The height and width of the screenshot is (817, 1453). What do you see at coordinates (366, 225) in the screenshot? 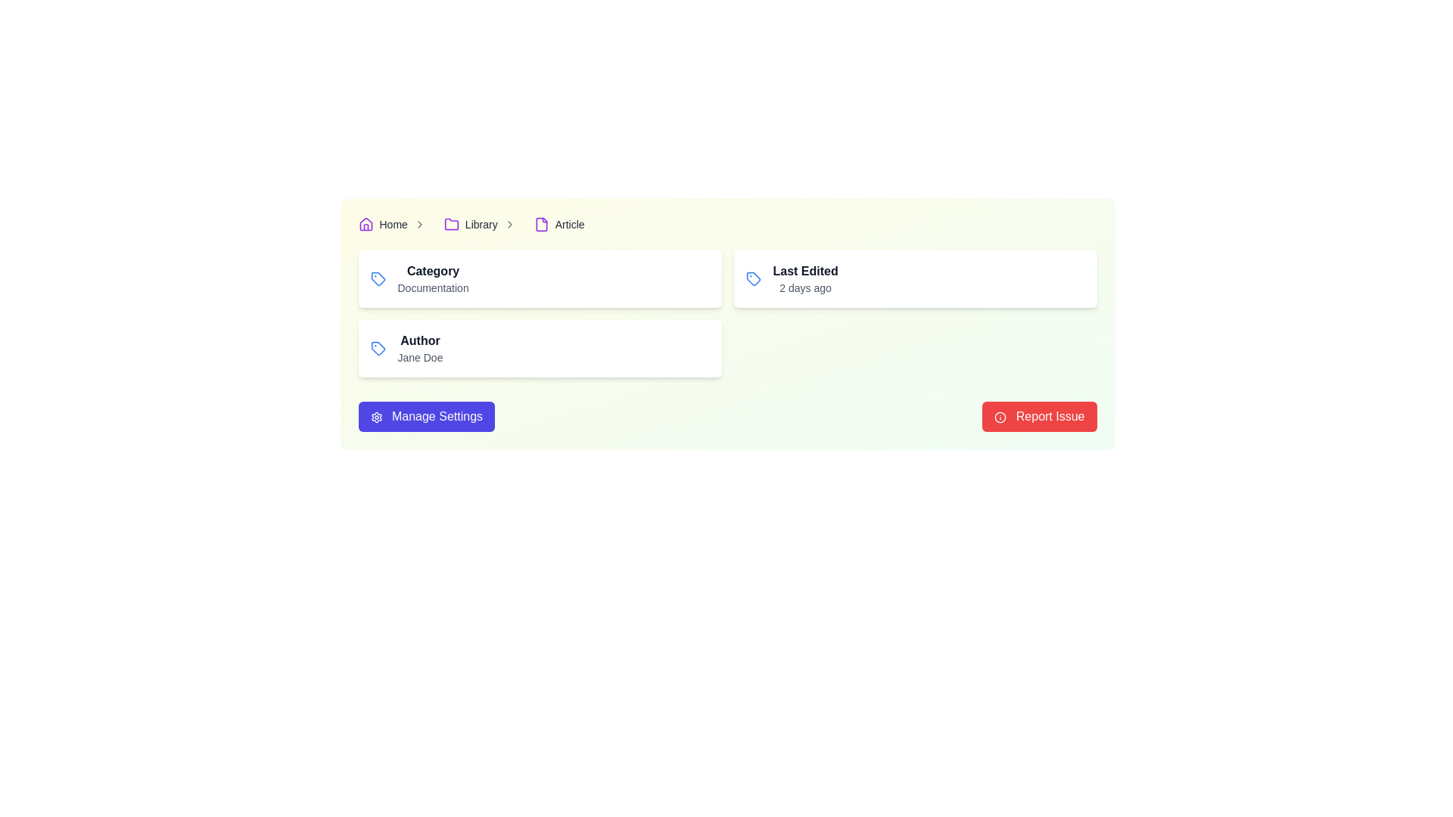
I see `the home icon` at bounding box center [366, 225].